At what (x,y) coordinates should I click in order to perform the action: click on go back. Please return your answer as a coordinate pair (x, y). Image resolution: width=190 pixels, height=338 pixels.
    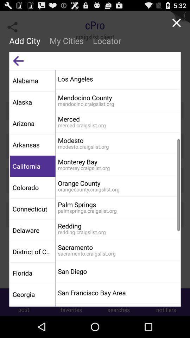
    Looking at the image, I should click on (18, 60).